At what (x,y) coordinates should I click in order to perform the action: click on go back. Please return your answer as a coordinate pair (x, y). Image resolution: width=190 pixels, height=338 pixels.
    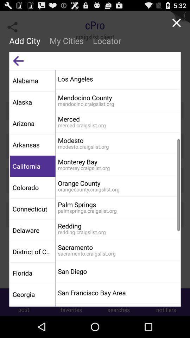
    Looking at the image, I should click on (18, 60).